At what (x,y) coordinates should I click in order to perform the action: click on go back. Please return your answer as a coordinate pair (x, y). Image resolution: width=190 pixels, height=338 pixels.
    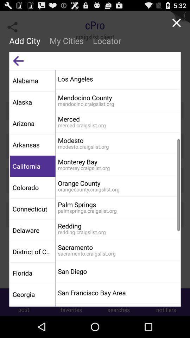
    Looking at the image, I should click on (18, 60).